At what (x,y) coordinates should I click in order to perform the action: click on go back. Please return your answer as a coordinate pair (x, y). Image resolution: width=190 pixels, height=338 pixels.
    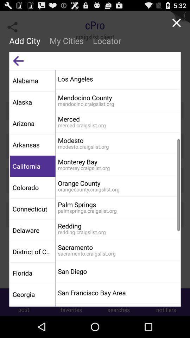
    Looking at the image, I should click on (18, 60).